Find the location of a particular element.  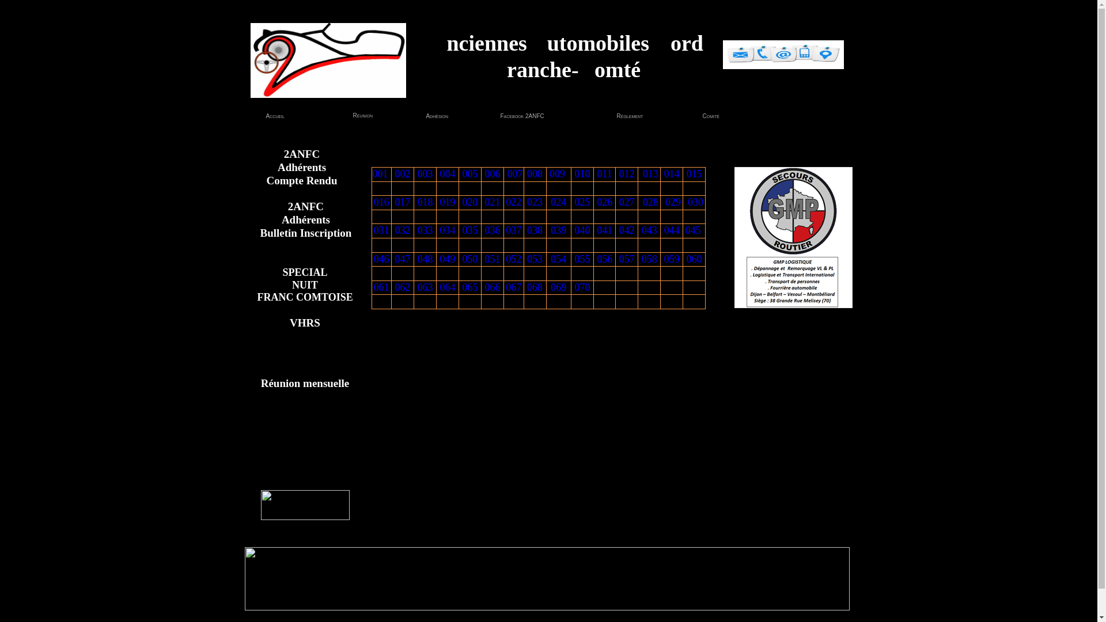

' 003 ' is located at coordinates (425, 173).